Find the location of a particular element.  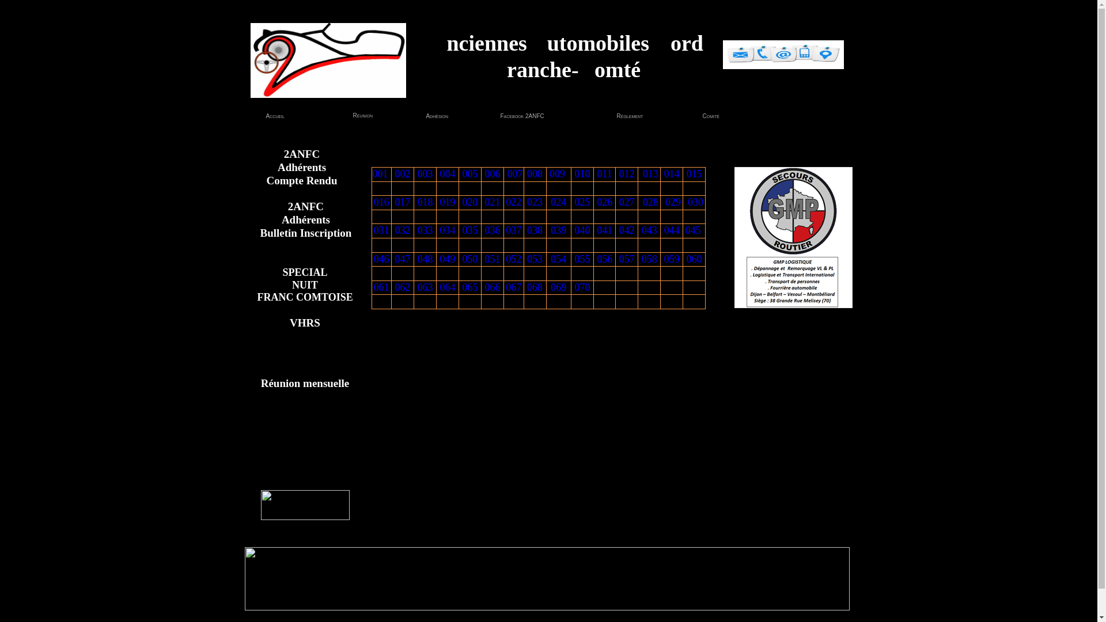

' 003 ' is located at coordinates (425, 173).